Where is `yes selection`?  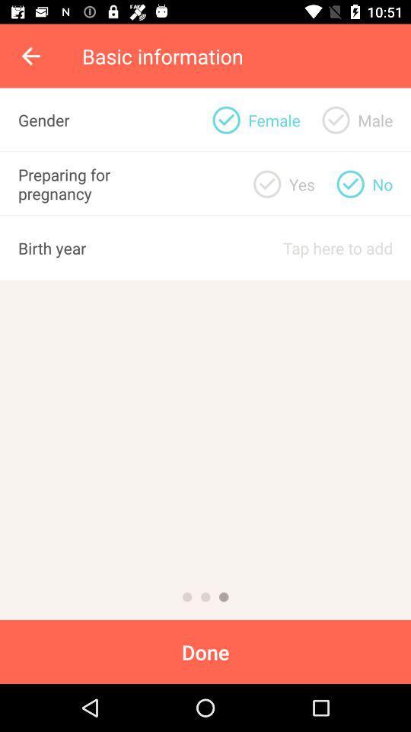 yes selection is located at coordinates (266, 183).